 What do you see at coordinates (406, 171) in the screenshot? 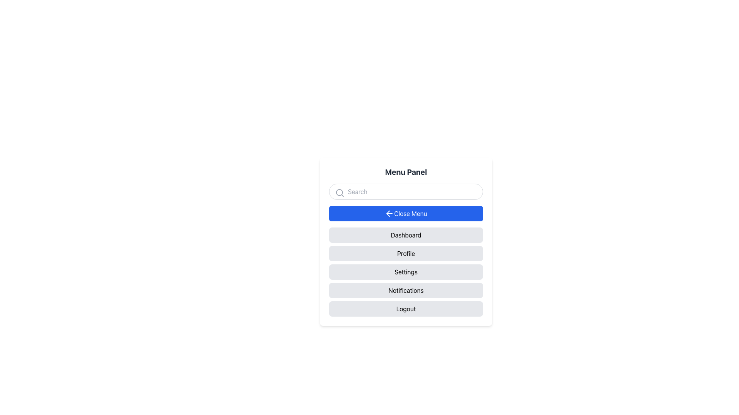
I see `the text within the Text Label that serves as the title of the menu panel, which is located at the top of the menu interface above the search input field` at bounding box center [406, 171].